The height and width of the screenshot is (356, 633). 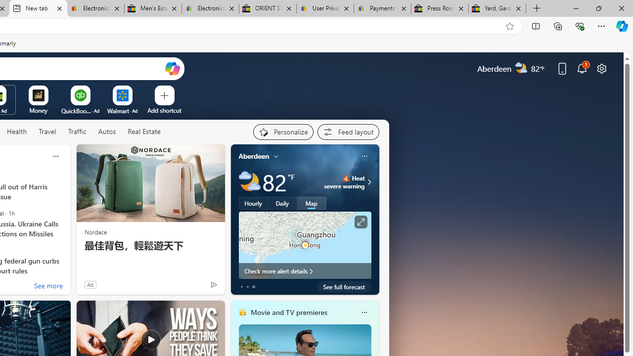 I want to click on 'Aberdeen', so click(x=254, y=156).